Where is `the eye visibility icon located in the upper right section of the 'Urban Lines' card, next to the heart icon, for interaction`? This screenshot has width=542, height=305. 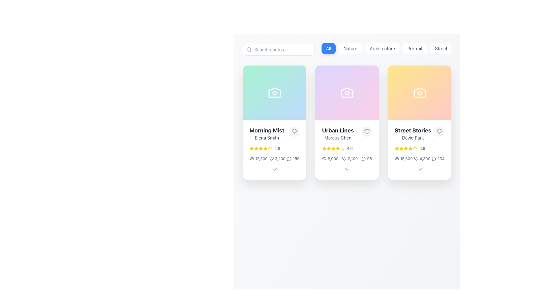
the eye visibility icon located in the upper right section of the 'Urban Lines' card, next to the heart icon, for interaction is located at coordinates (324, 159).